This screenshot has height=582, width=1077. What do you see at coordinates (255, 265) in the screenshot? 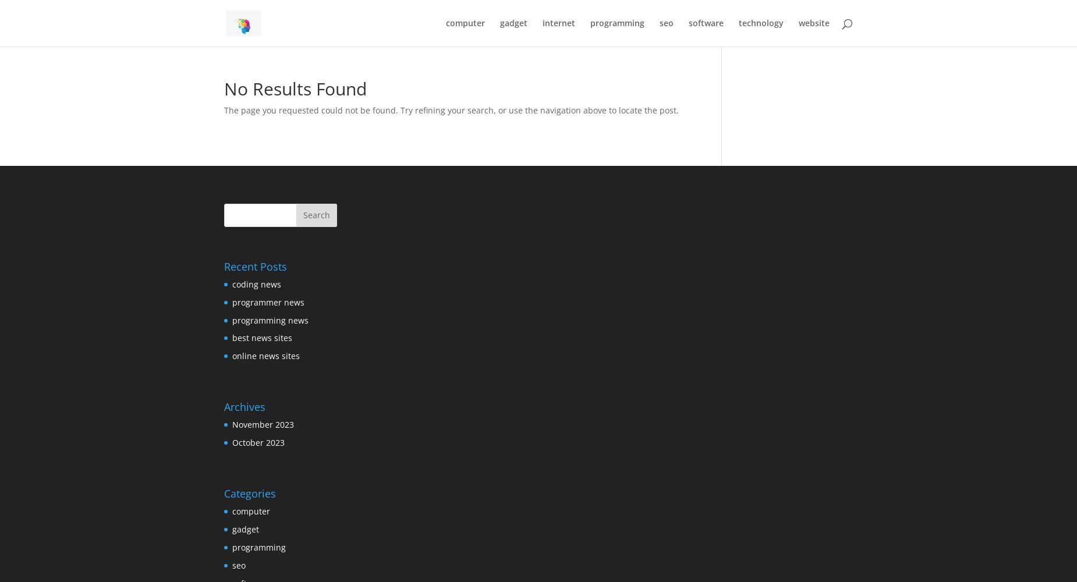
I see `'Recent Posts'` at bounding box center [255, 265].